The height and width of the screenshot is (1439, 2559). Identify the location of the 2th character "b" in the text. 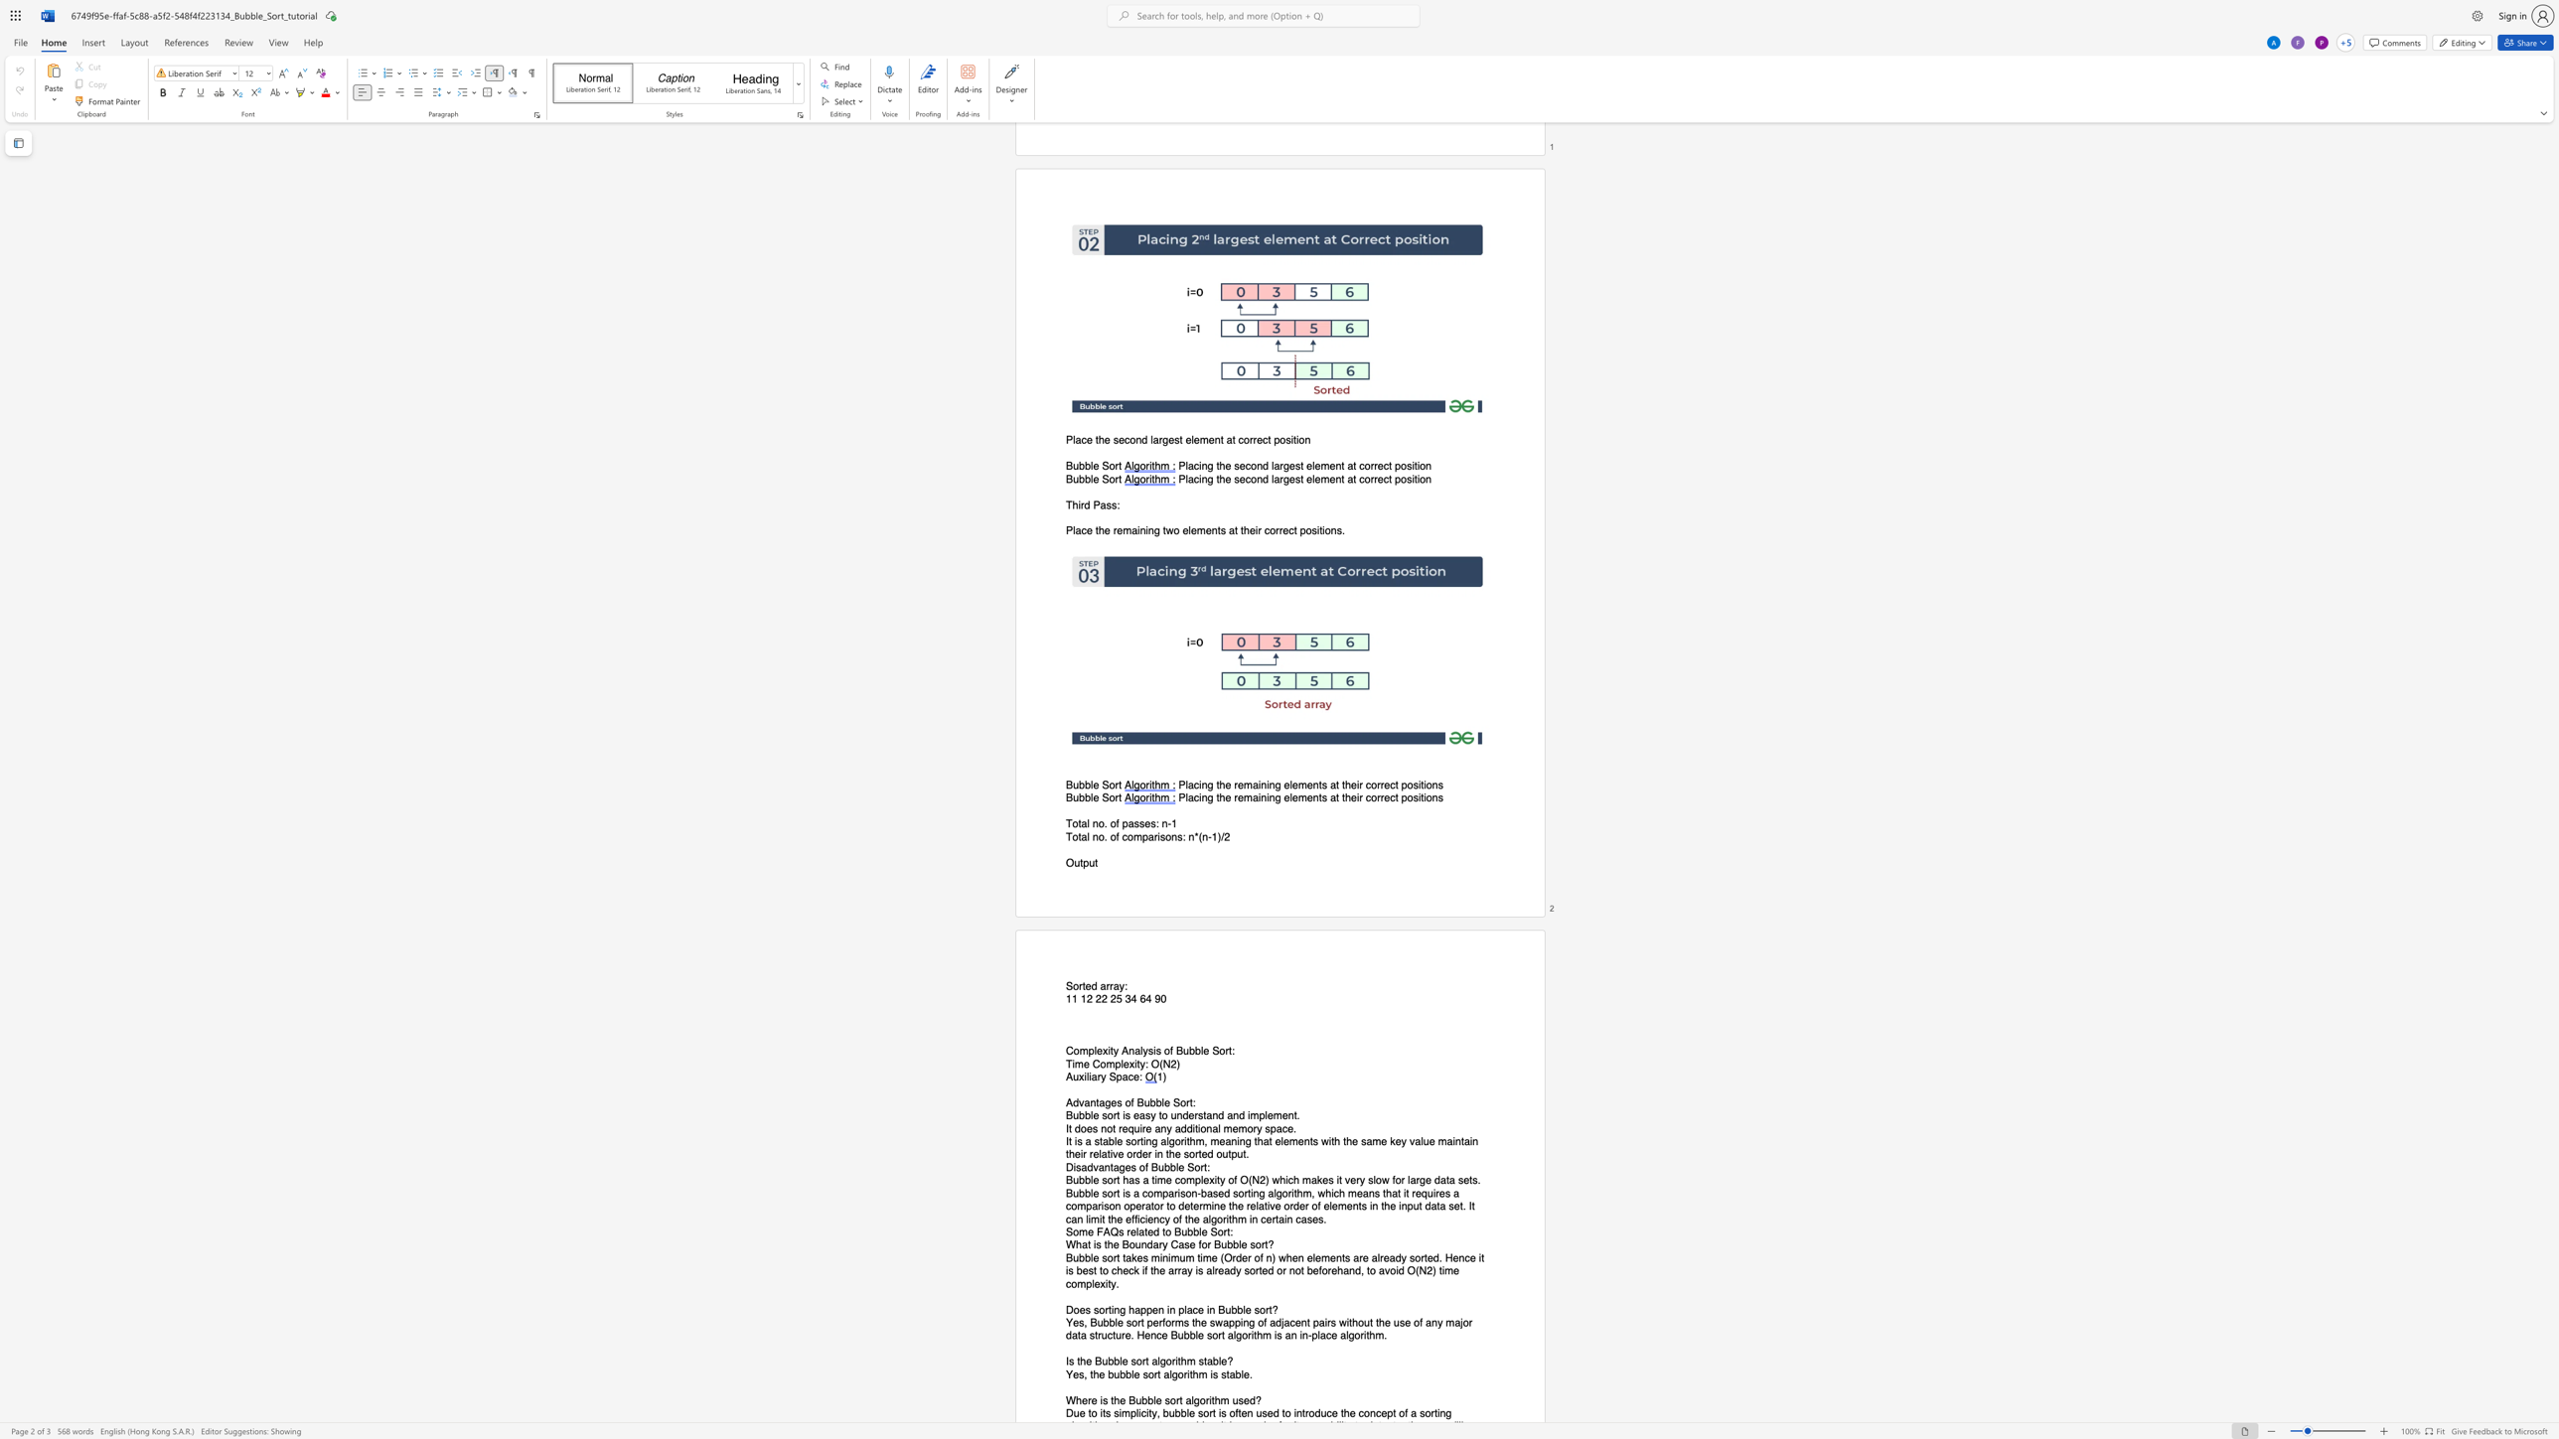
(1196, 1231).